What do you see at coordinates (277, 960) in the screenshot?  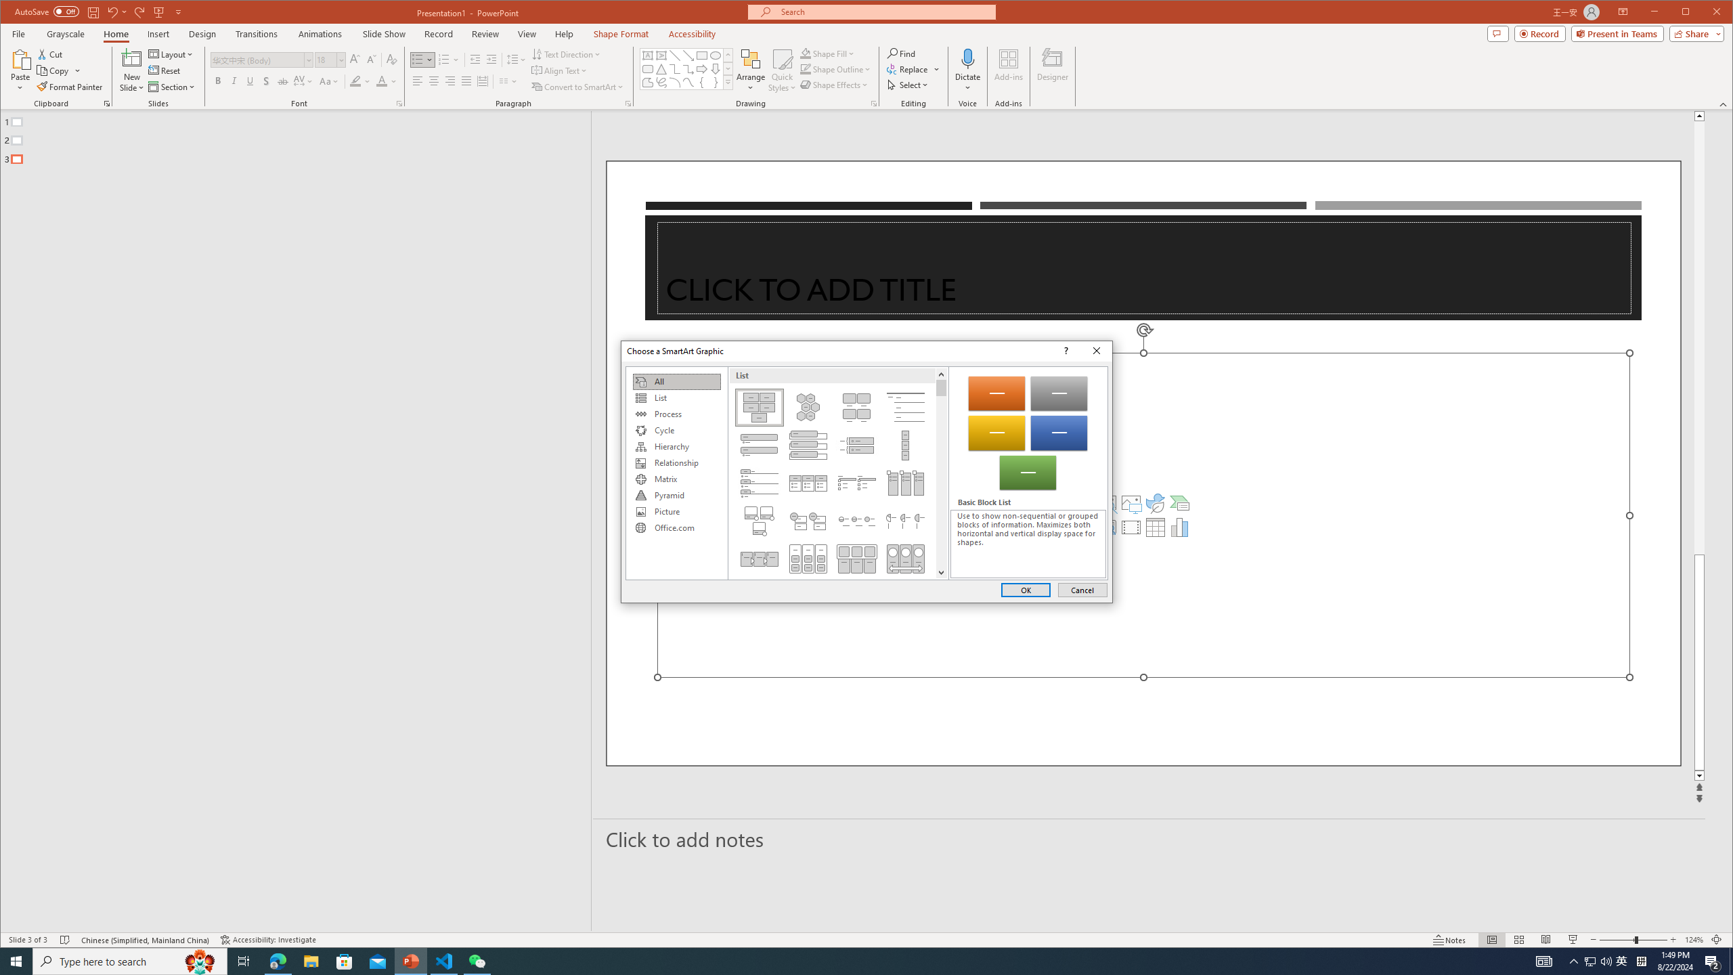 I see `'Microsoft Edge - 1 running window'` at bounding box center [277, 960].